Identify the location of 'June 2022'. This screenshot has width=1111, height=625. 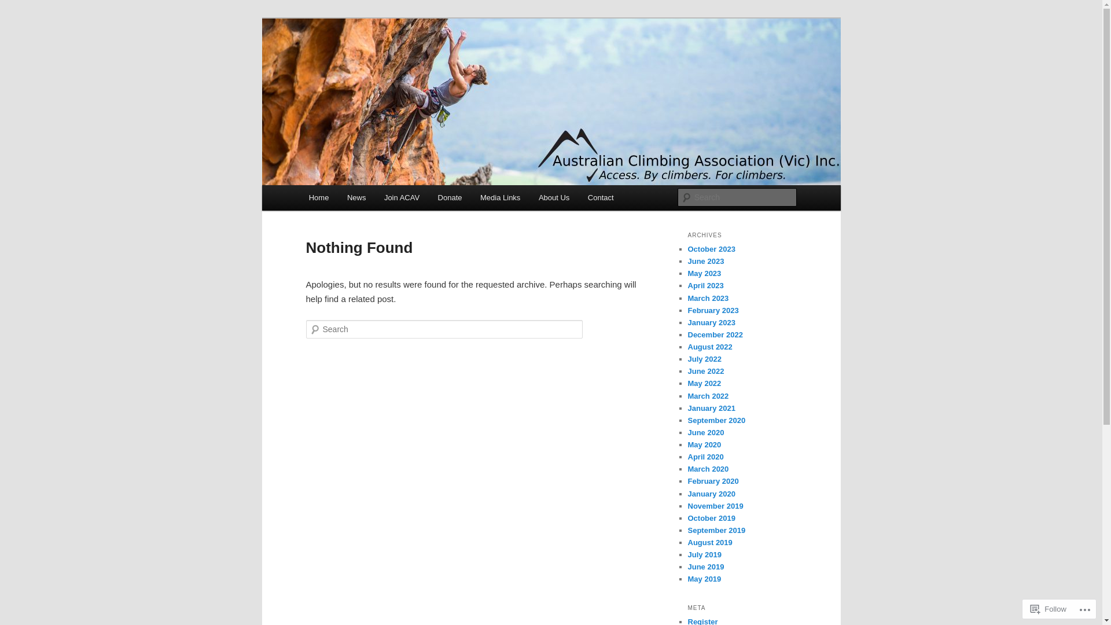
(687, 371).